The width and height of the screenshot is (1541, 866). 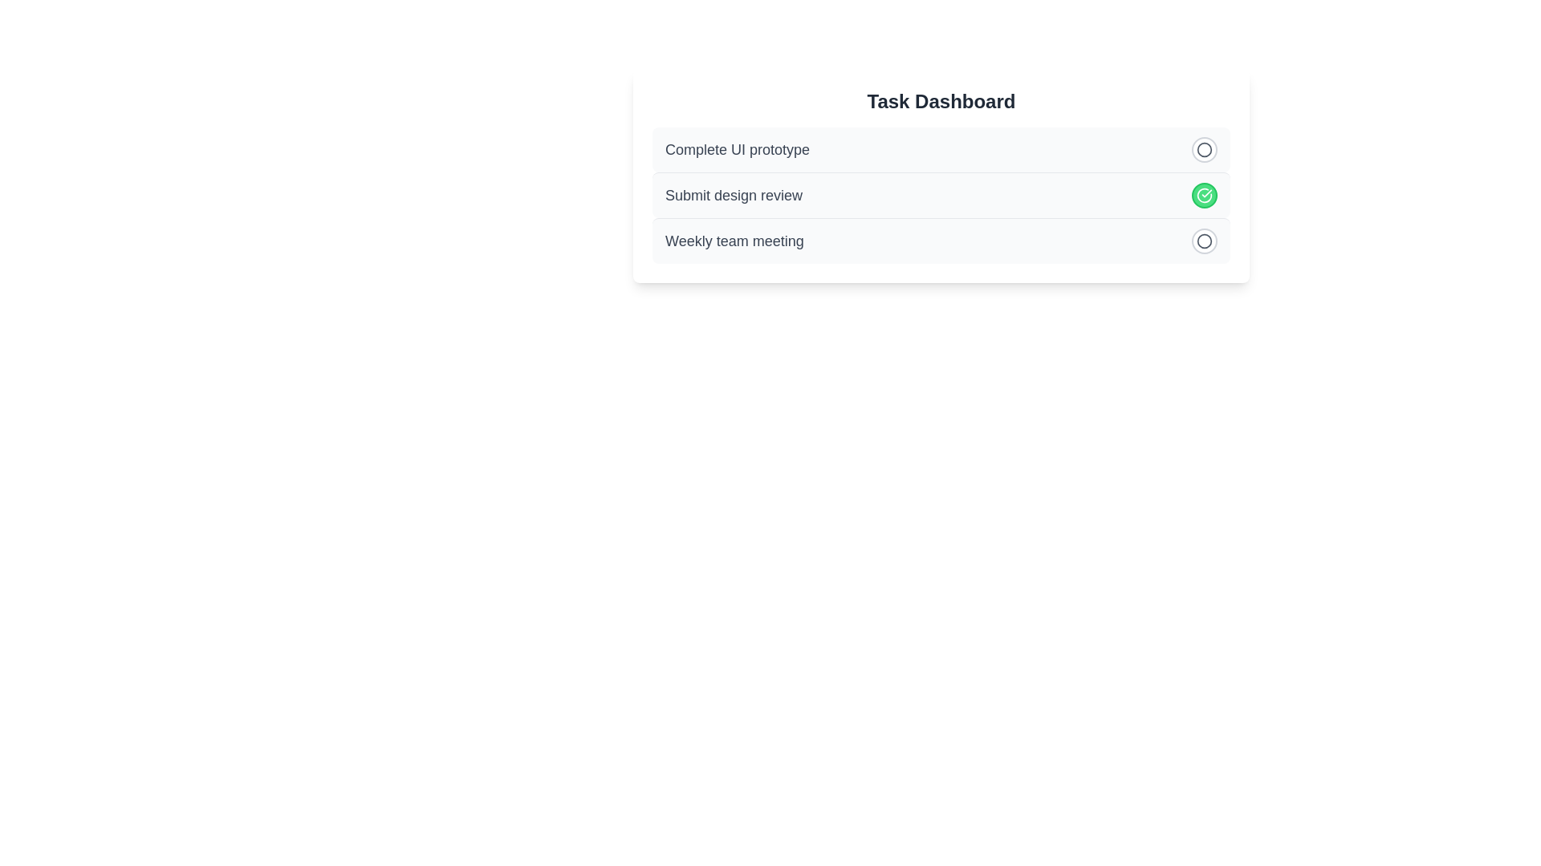 I want to click on the header text 'Task Dashboard', so click(x=941, y=102).